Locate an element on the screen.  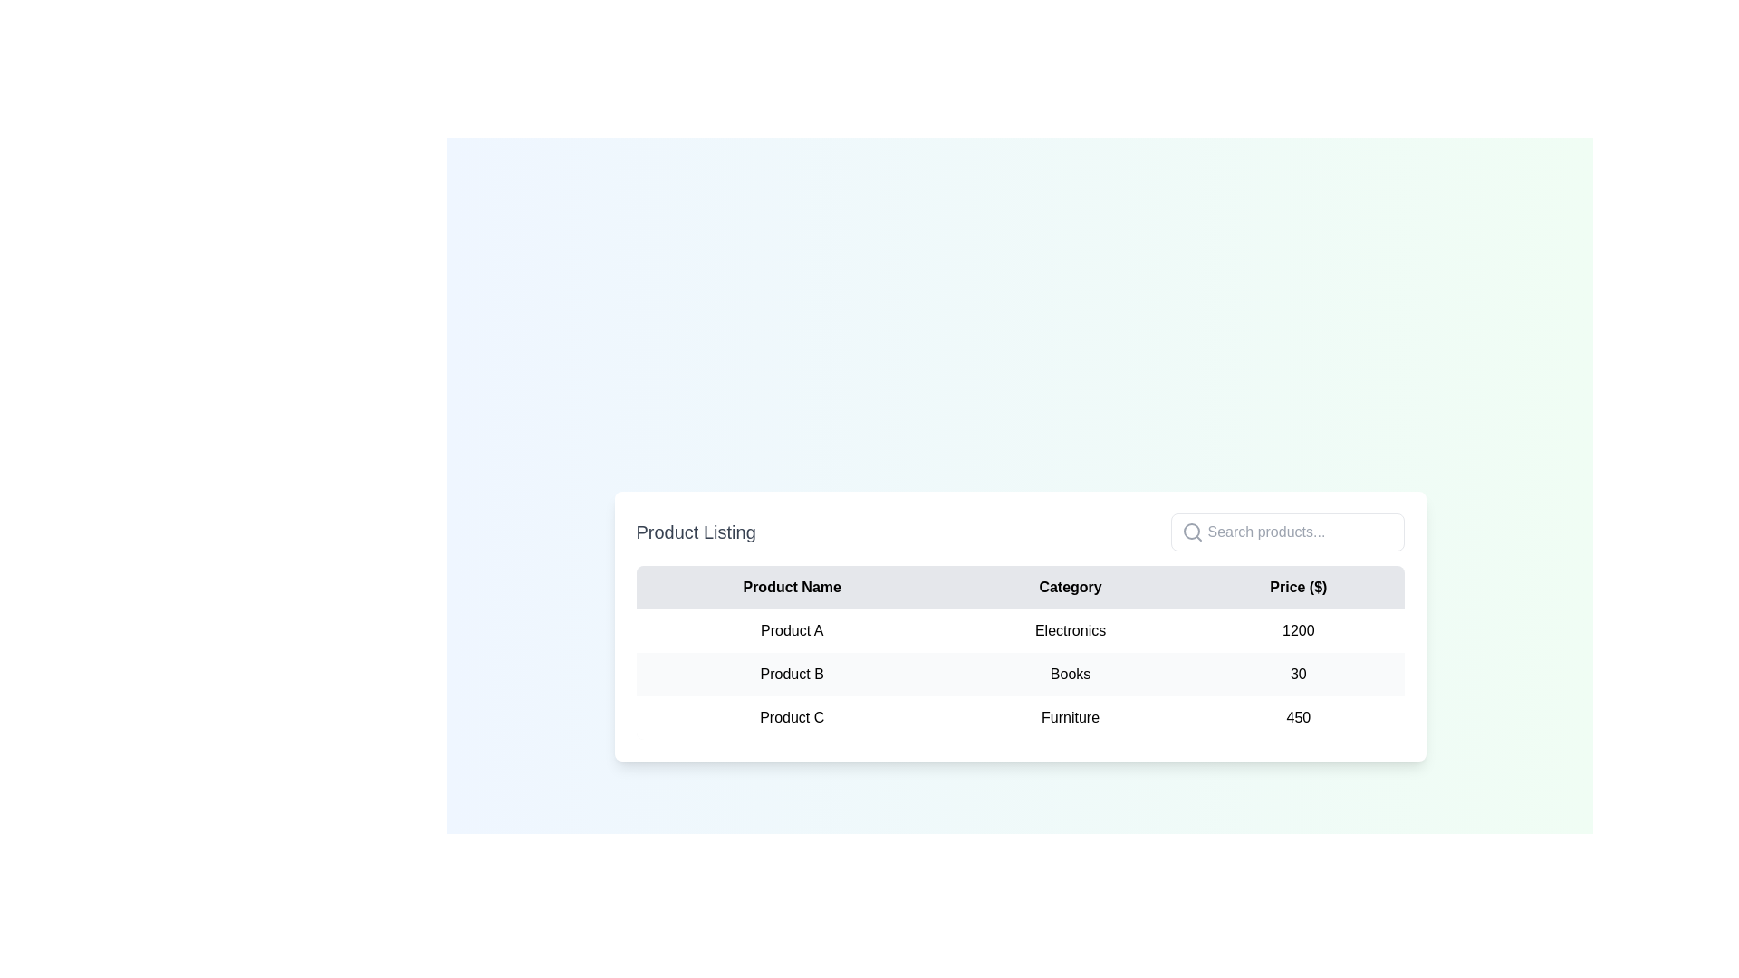
the 'Furniture' text label located in the second column of the last row of the table, under the 'Category' header is located at coordinates (1071, 717).